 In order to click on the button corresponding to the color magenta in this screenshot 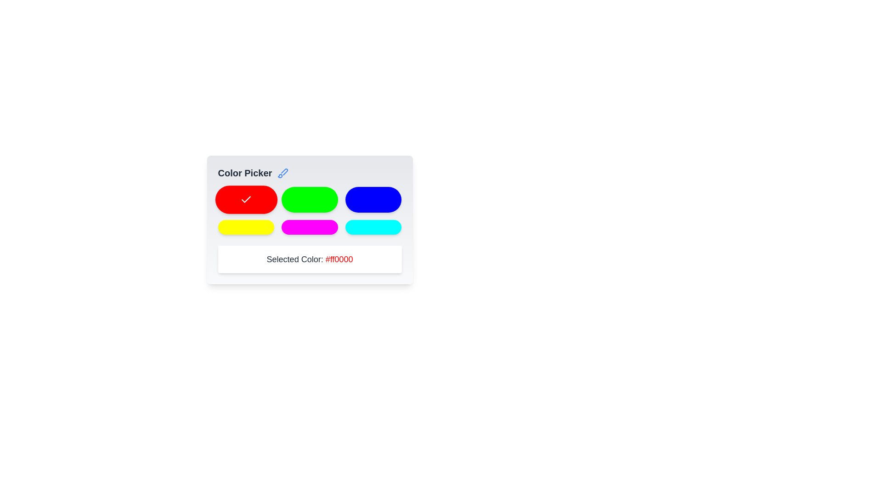, I will do `click(310, 227)`.